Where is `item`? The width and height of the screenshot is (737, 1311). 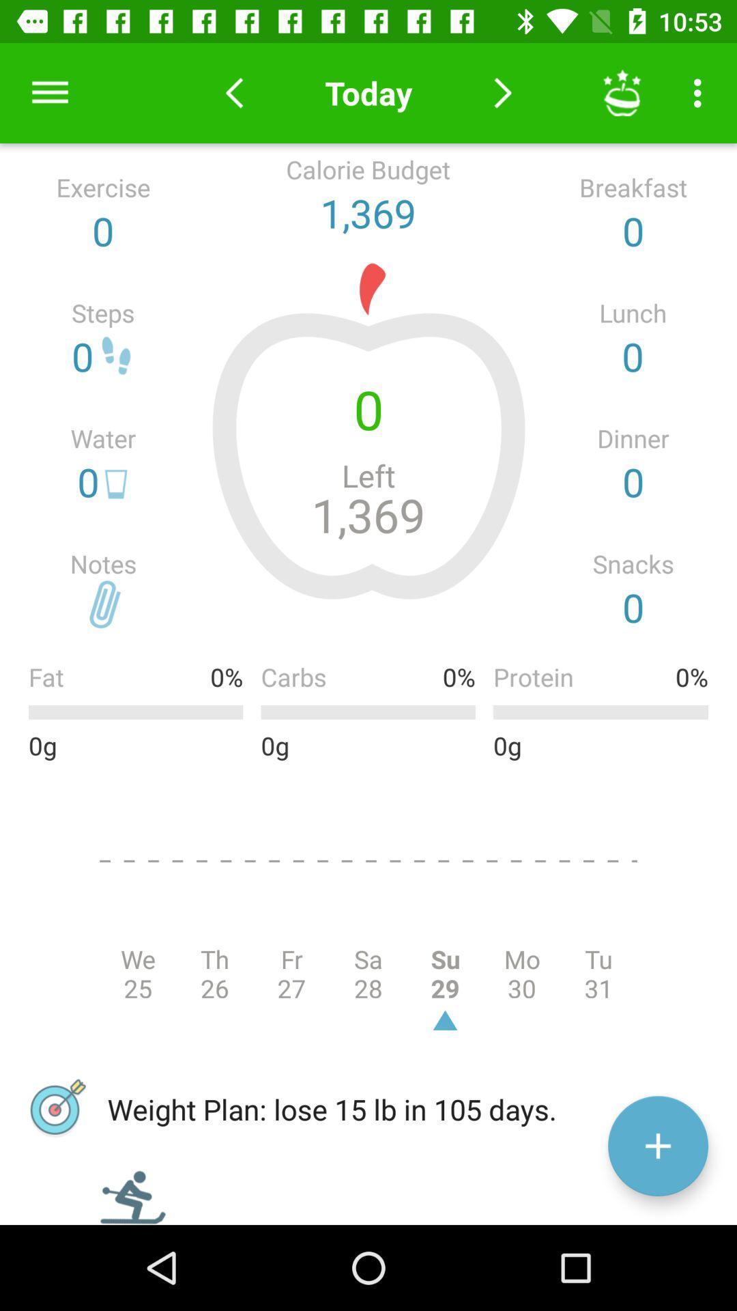 item is located at coordinates (657, 1146).